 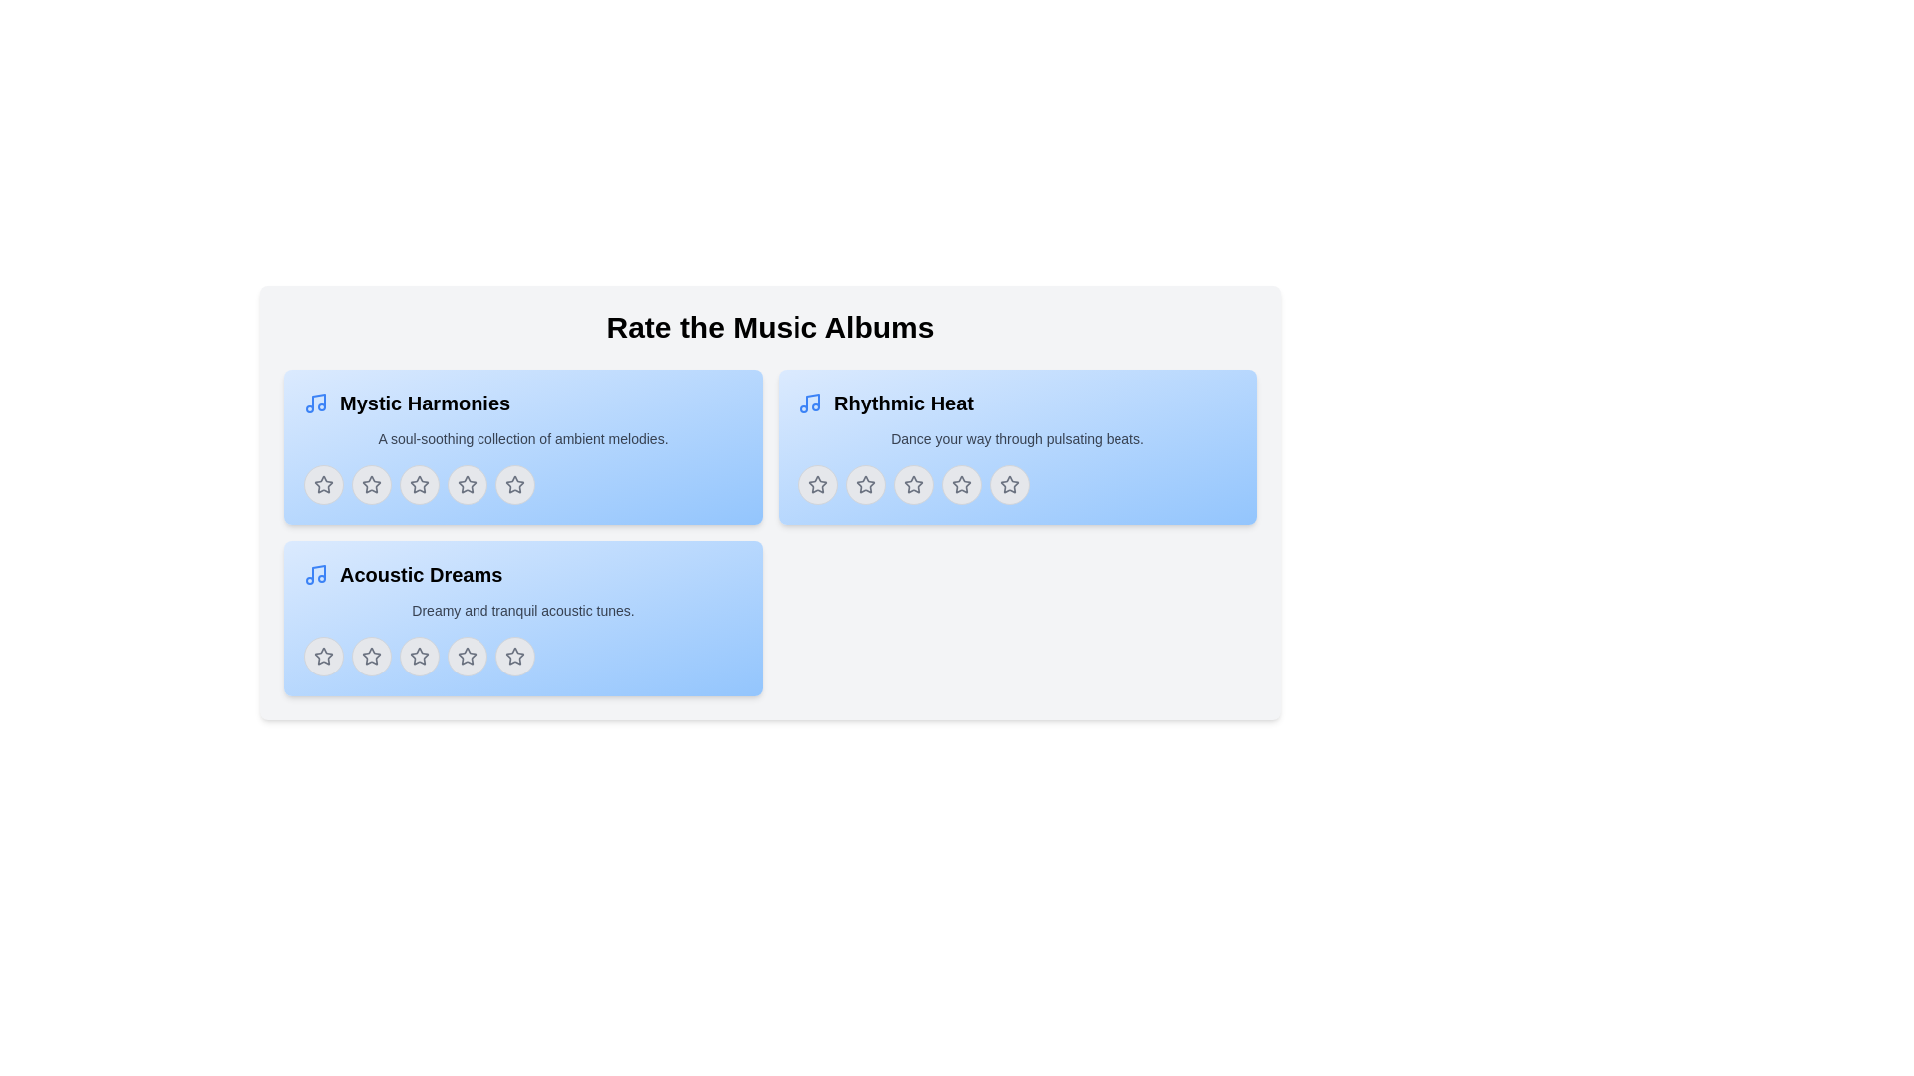 I want to click on the first star icon to assign a single-star rating for the 'Acoustic Dreams' music album, so click(x=372, y=657).